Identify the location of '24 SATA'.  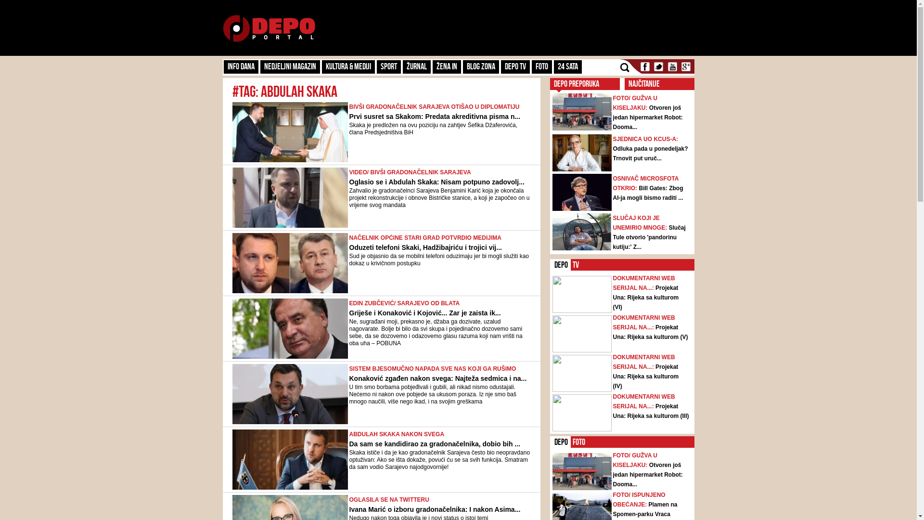
(567, 66).